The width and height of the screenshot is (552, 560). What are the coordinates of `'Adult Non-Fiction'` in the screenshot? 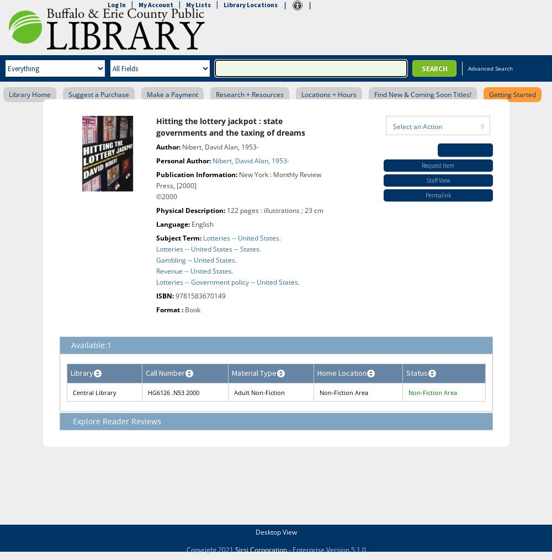 It's located at (259, 392).